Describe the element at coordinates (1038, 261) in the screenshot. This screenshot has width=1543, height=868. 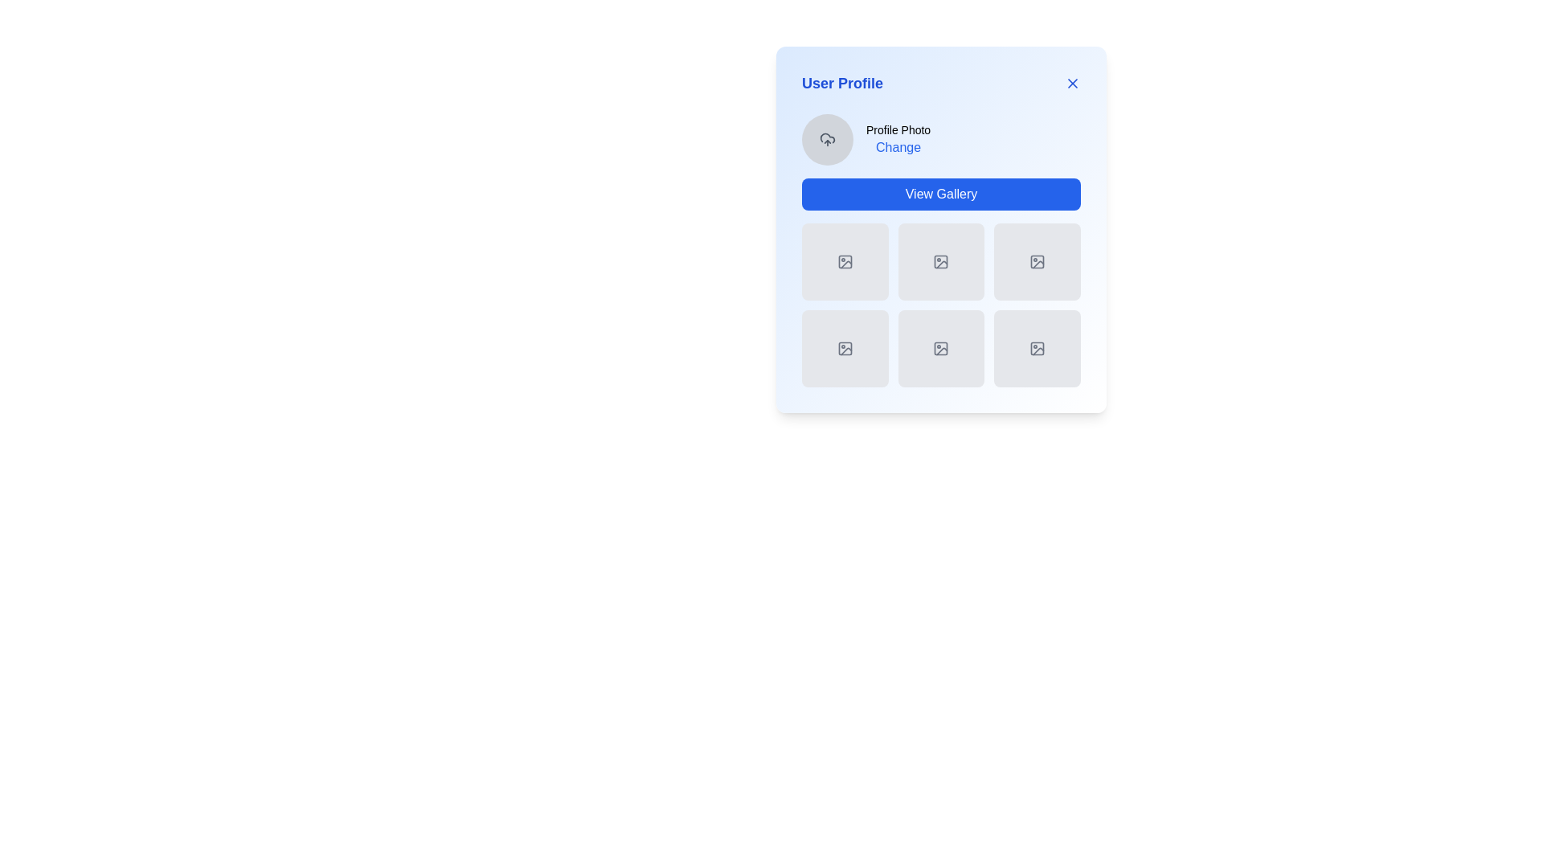
I see `on the small, square icon with rounded corners located in the middle column of the second row in a 3x2 grid, below the 'View Gallery' button` at that location.